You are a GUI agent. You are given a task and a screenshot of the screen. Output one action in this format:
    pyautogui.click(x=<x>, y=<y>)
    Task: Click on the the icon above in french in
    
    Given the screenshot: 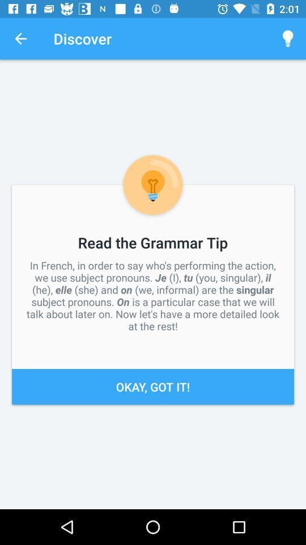 What is the action you would take?
    pyautogui.click(x=20, y=39)
    